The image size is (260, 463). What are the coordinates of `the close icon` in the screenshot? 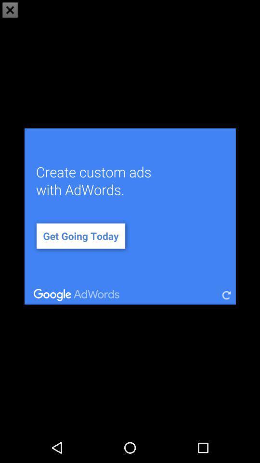 It's located at (10, 10).